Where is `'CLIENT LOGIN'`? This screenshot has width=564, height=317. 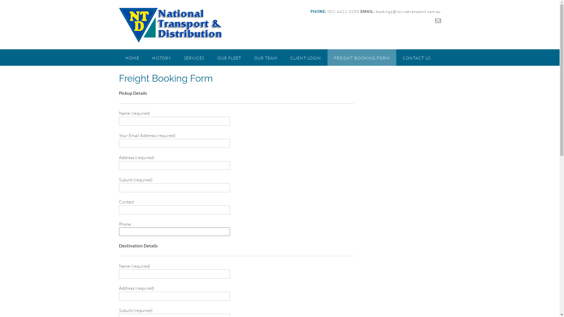 'CLIENT LOGIN' is located at coordinates (305, 58).